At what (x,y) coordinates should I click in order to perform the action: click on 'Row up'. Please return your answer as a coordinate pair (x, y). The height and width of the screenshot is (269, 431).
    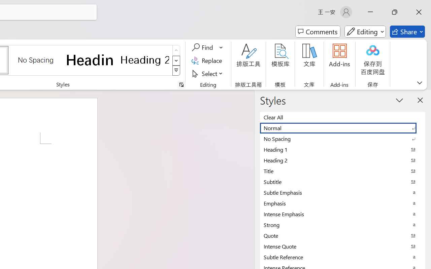
    Looking at the image, I should click on (176, 50).